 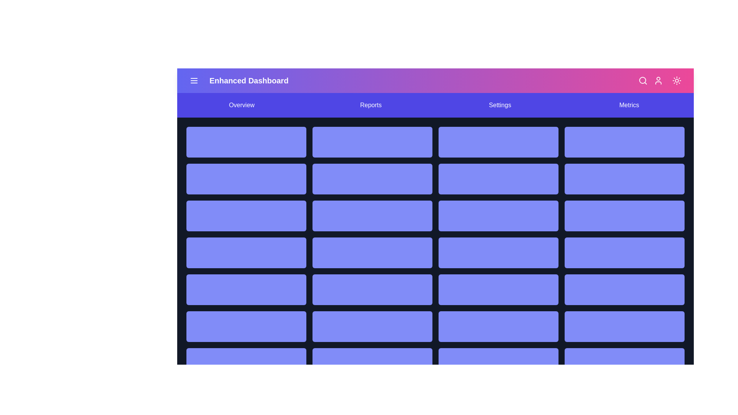 I want to click on the search icon to activate the search functionality, so click(x=643, y=80).